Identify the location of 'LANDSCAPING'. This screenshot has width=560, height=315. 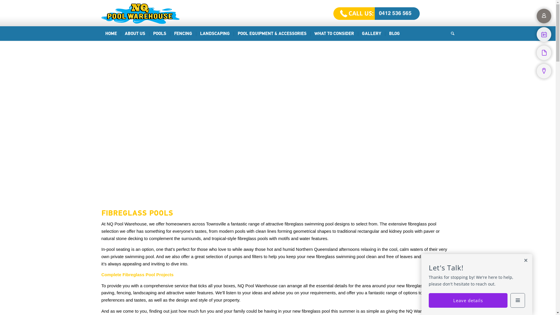
(196, 34).